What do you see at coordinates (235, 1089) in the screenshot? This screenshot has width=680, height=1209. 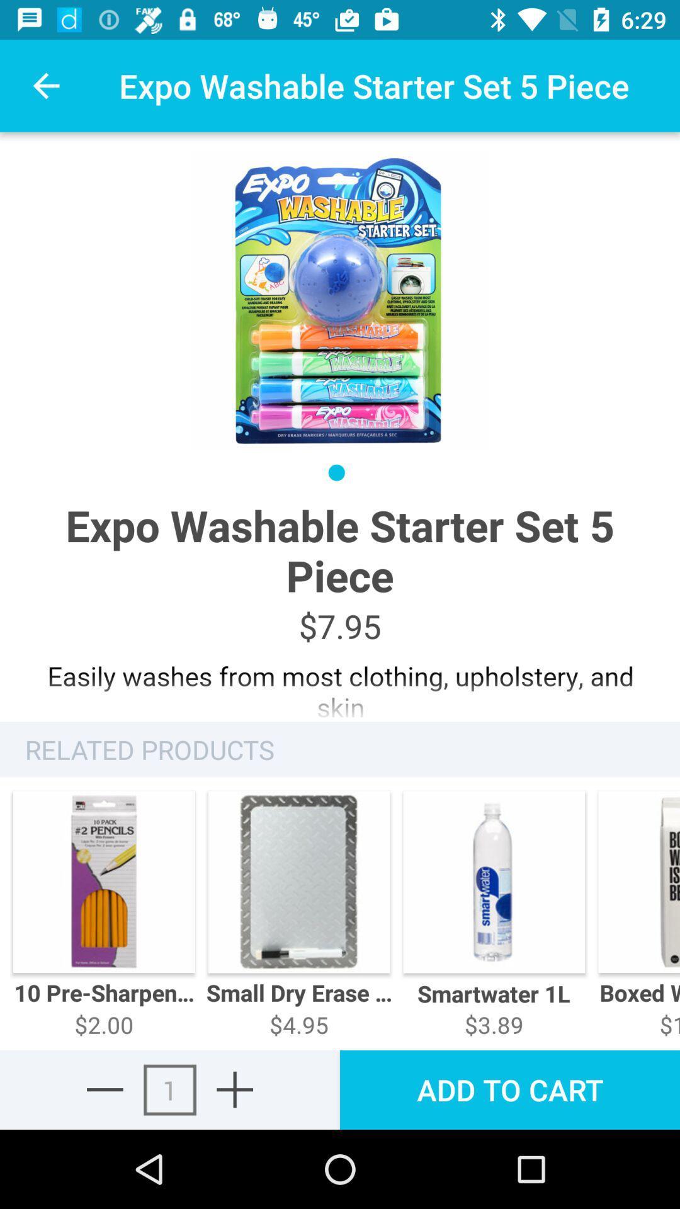 I see `cover art gopuff food drink delivery and add app` at bounding box center [235, 1089].